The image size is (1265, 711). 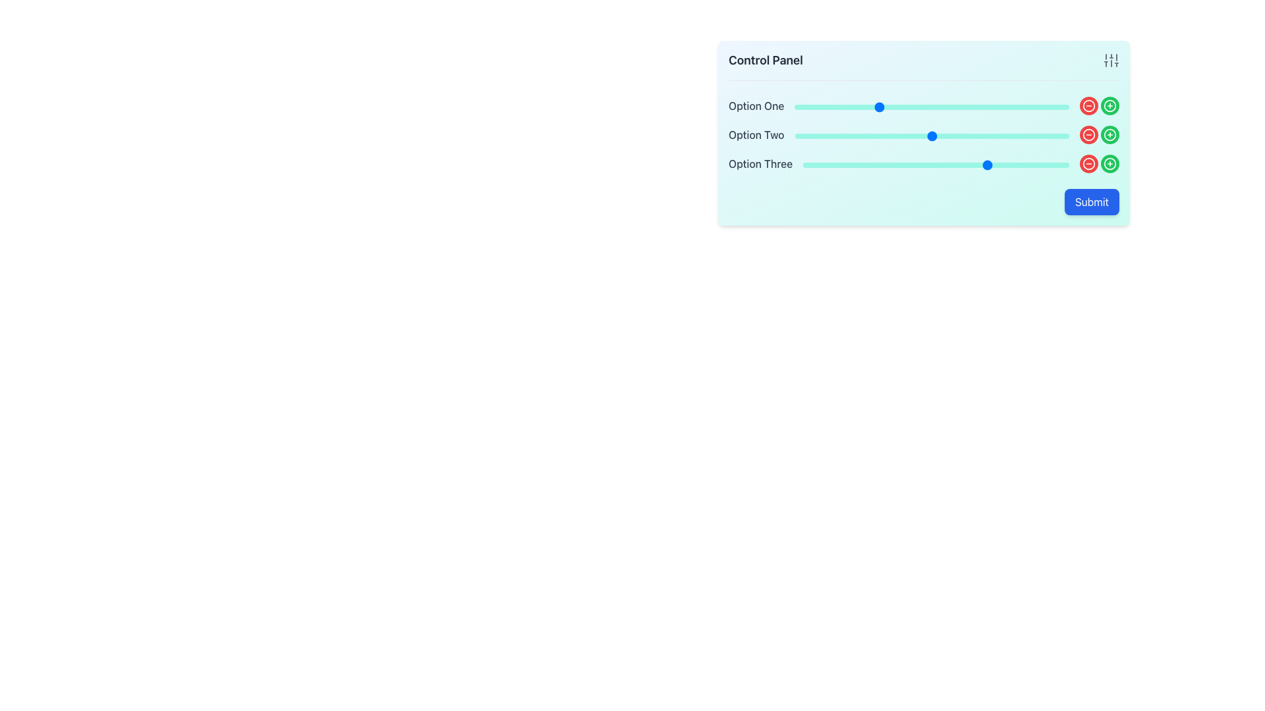 I want to click on outer circular boundary of the third 'plus' action button, which is visually represented as a circle in the SVG shape located to the right of 'Option Three', so click(x=1109, y=134).